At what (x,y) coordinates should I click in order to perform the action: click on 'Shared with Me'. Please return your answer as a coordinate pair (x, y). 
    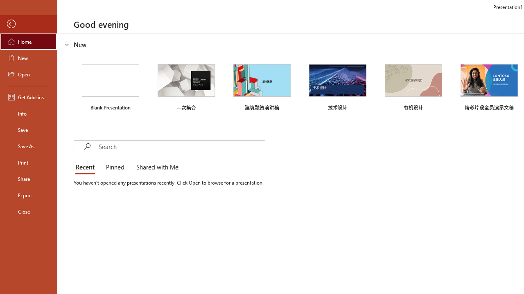
    Looking at the image, I should click on (156, 167).